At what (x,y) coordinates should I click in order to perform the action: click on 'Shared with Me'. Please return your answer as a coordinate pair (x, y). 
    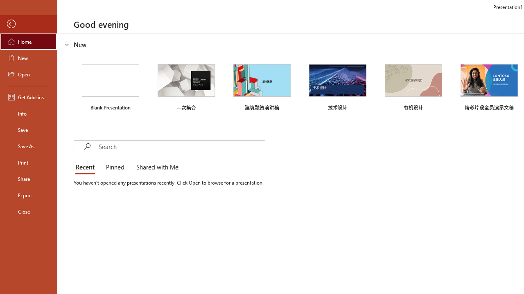
    Looking at the image, I should click on (156, 167).